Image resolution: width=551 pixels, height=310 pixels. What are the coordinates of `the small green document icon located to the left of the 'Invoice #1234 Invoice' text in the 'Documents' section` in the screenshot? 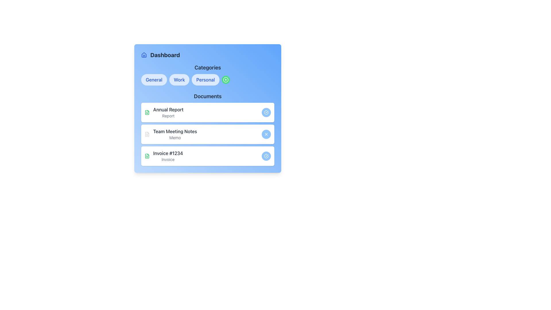 It's located at (147, 156).